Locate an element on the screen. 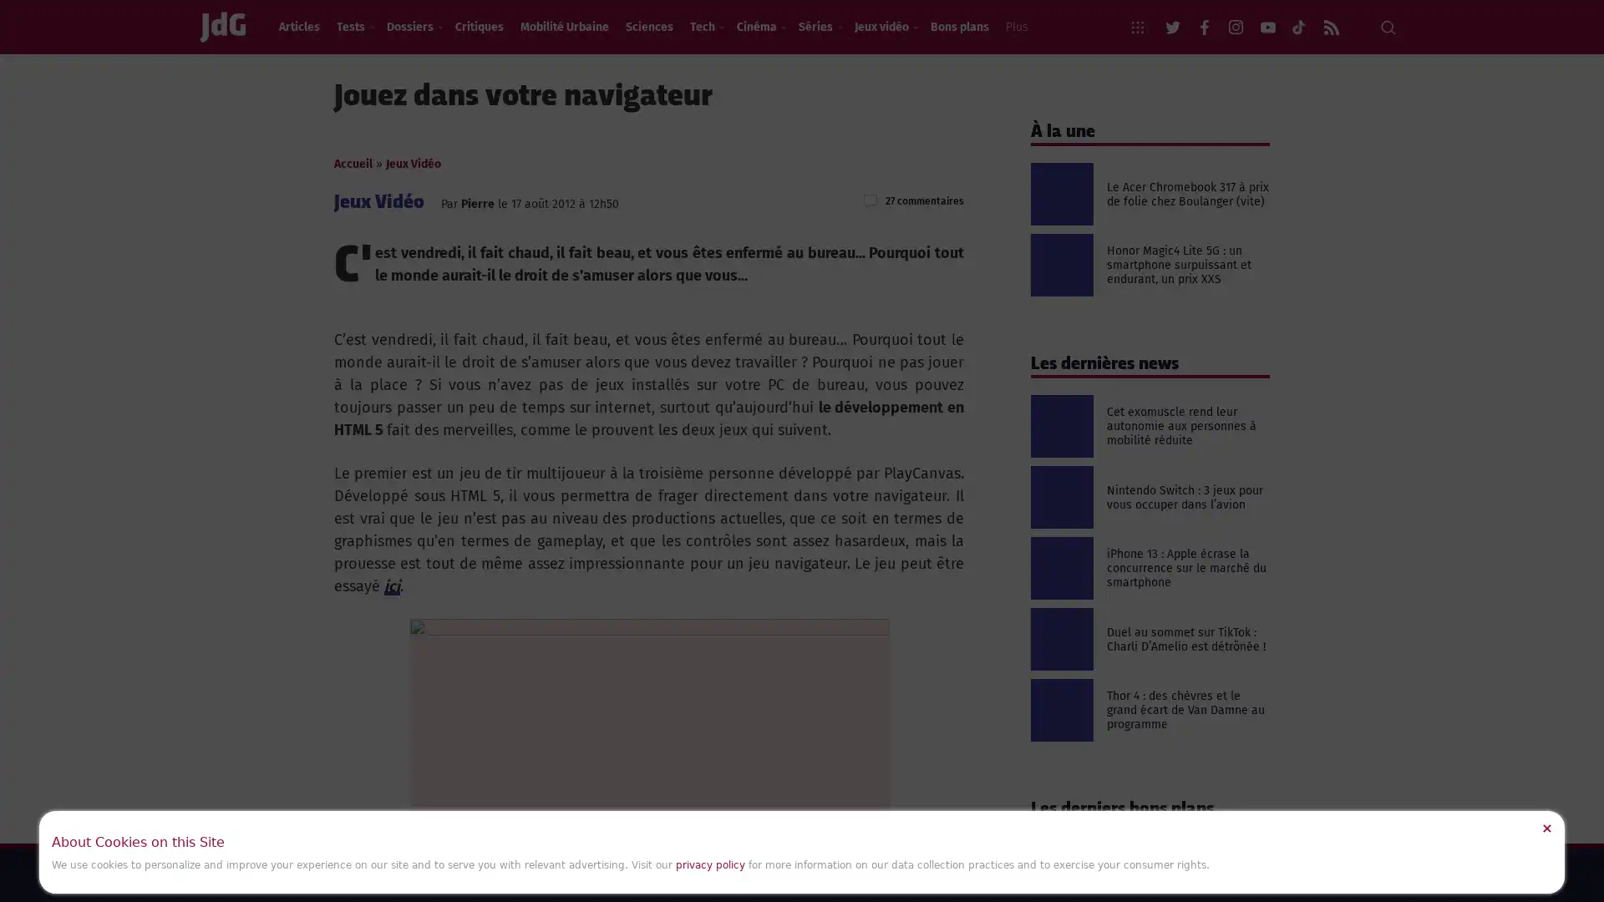 This screenshot has width=1604, height=902. rss is located at coordinates (1330, 26).